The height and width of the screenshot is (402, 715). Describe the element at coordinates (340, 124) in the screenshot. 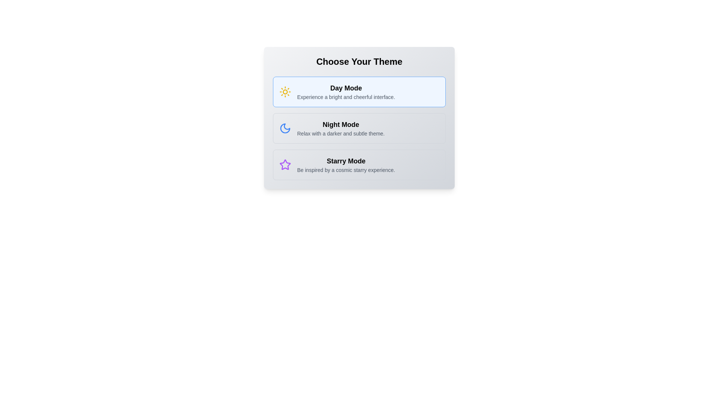

I see `the 'Night Mode' text label located between 'Day Mode' and the description 'Relax with a darker and subtle theme.'` at that location.